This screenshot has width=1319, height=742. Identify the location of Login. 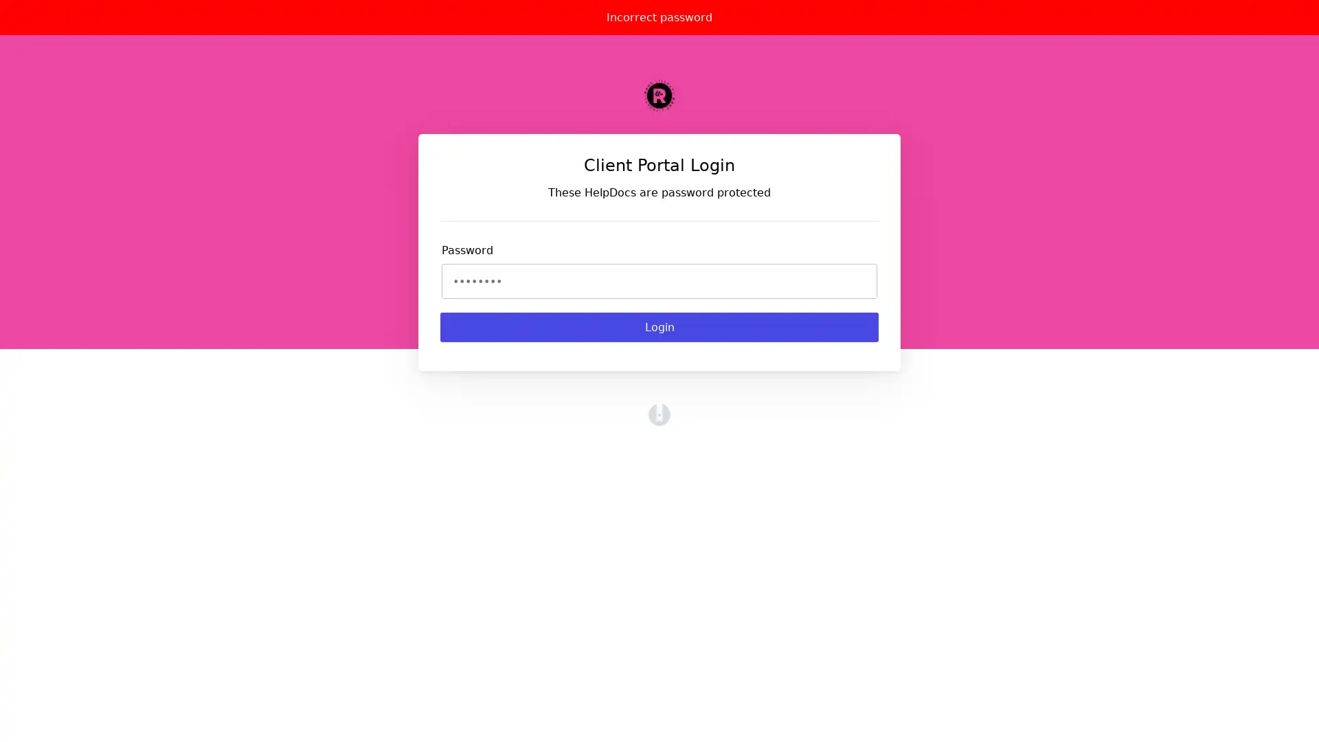
(659, 327).